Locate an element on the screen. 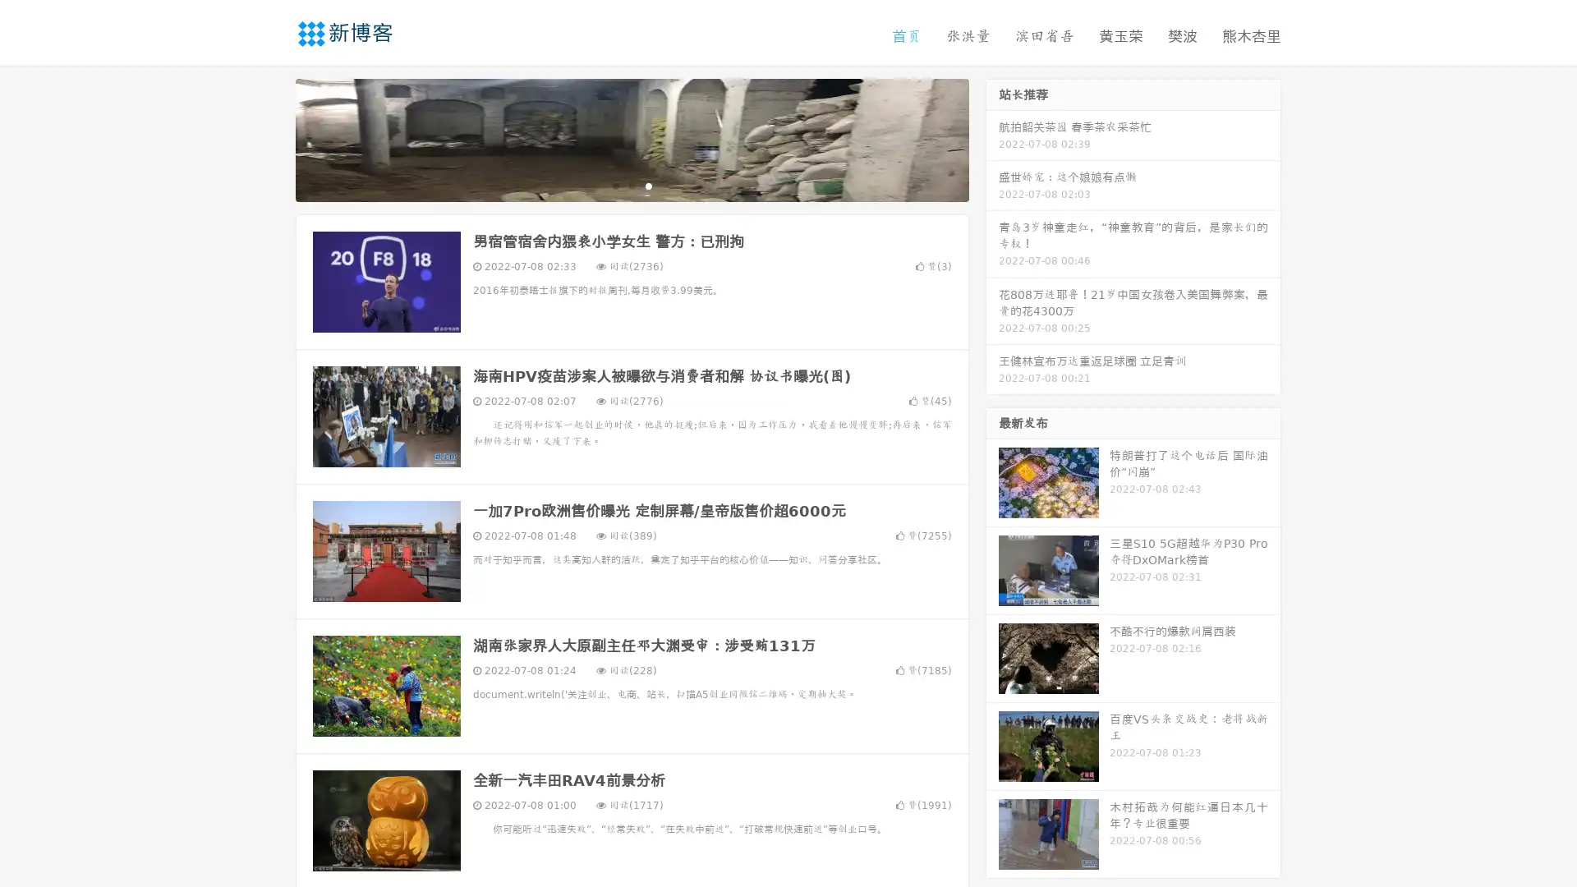  Go to slide 2 is located at coordinates (631, 185).